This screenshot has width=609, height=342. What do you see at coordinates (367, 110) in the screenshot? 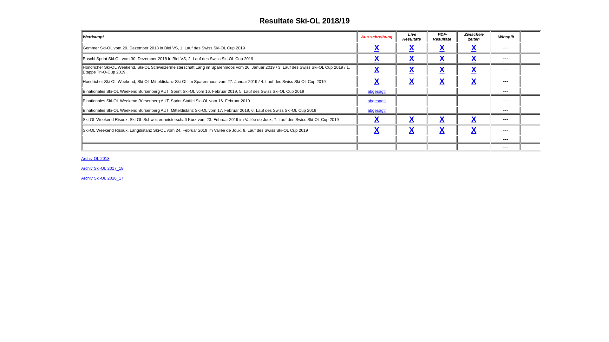
I see `'abgesagt!'` at bounding box center [367, 110].